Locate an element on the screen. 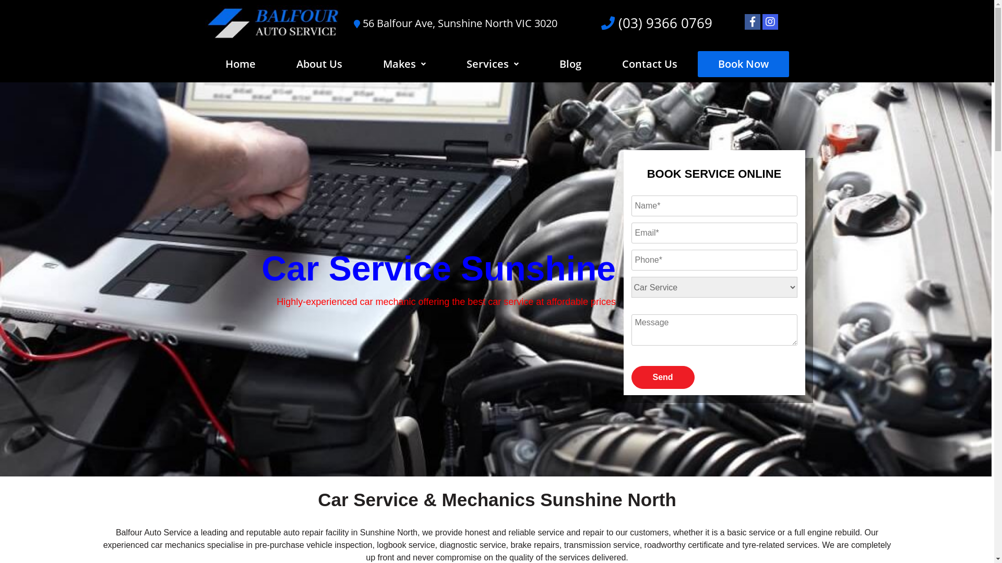 The image size is (1002, 563). 'Makes' is located at coordinates (403, 64).